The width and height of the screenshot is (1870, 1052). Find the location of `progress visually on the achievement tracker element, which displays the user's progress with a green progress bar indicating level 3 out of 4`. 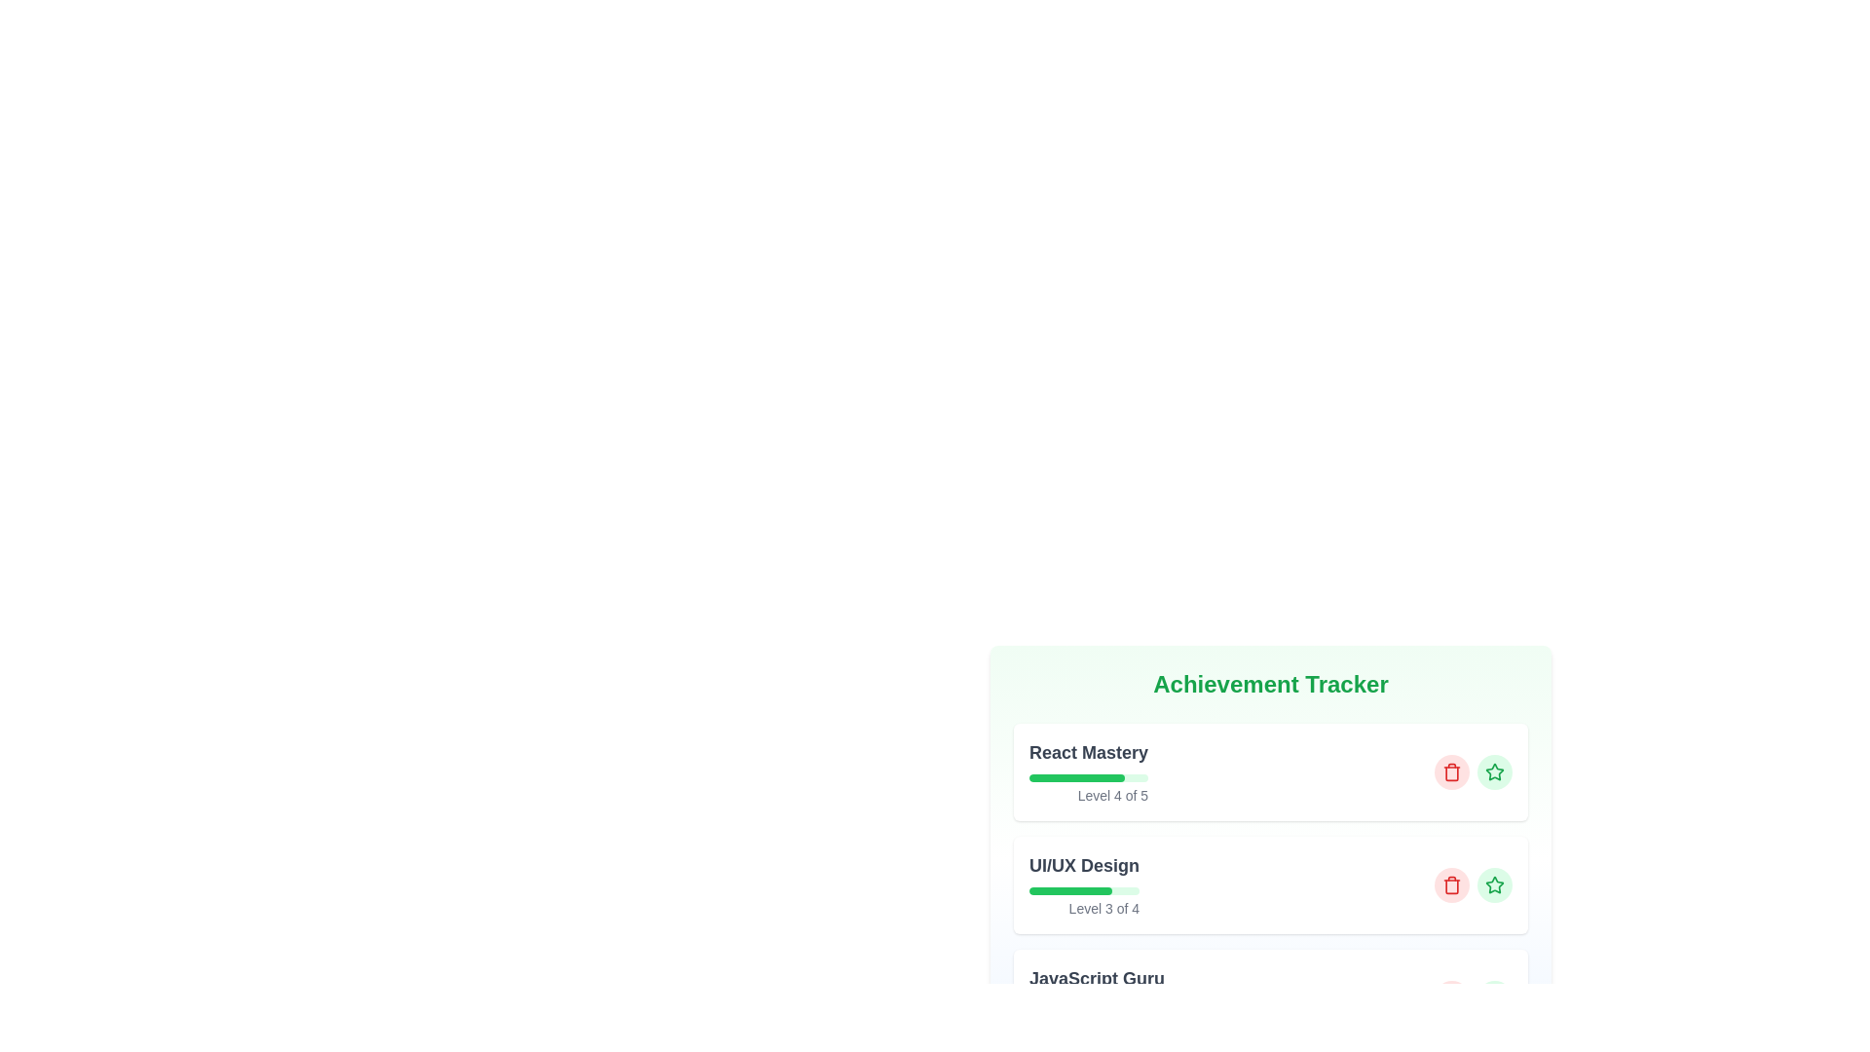

progress visually on the achievement tracker element, which displays the user's progress with a green progress bar indicating level 3 out of 4 is located at coordinates (1083, 885).